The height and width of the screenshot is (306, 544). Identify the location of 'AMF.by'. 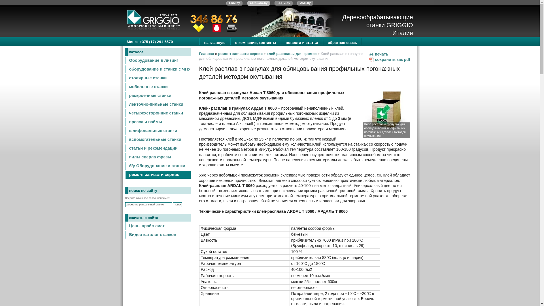
(305, 3).